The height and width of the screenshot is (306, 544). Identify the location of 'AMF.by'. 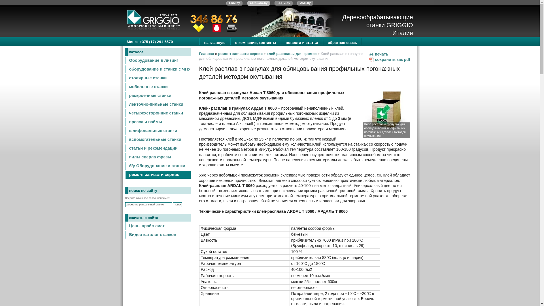
(305, 3).